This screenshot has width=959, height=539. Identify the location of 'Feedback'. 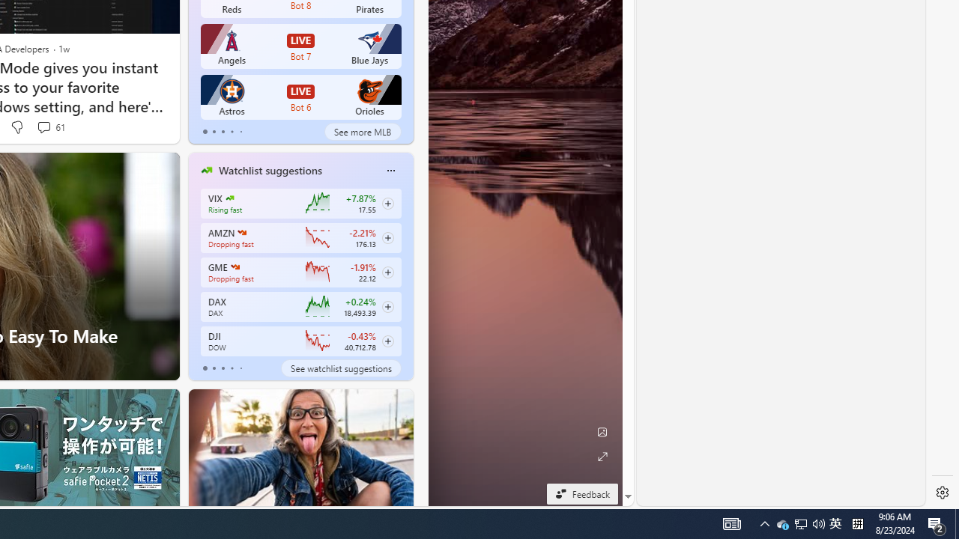
(581, 493).